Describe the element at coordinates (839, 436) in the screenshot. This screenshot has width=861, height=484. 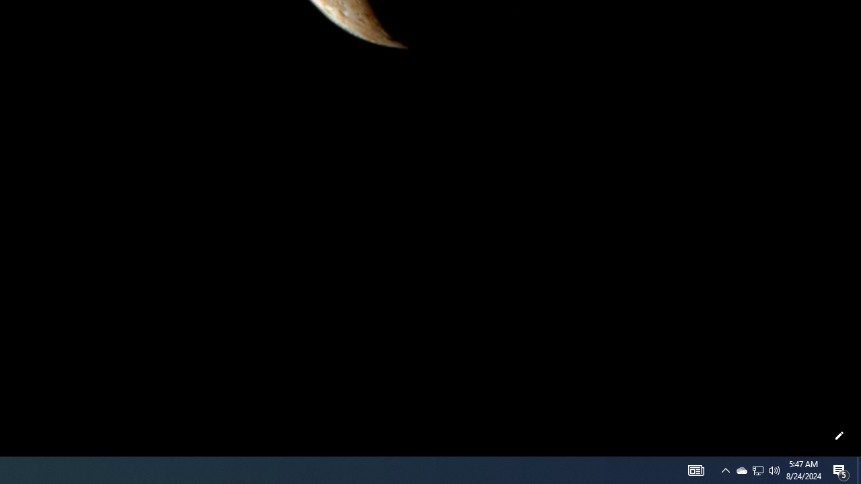
I see `'Customize this page'` at that location.